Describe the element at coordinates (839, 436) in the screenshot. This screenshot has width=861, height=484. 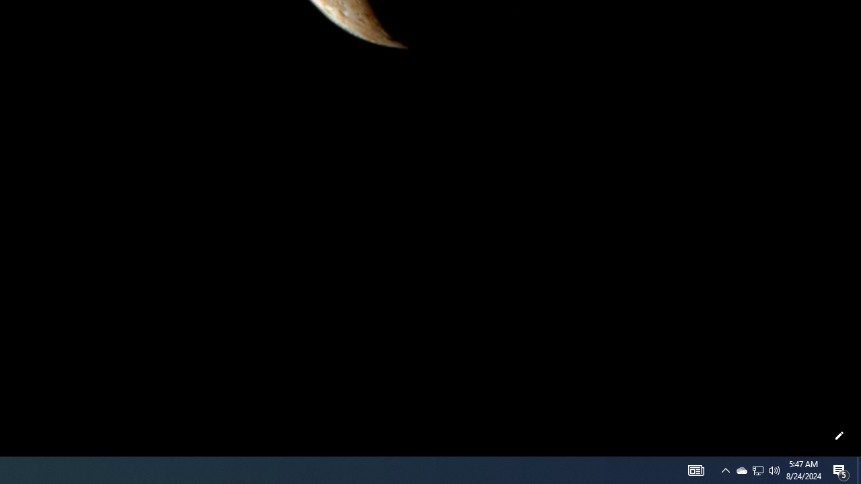
I see `'Customize this page'` at that location.